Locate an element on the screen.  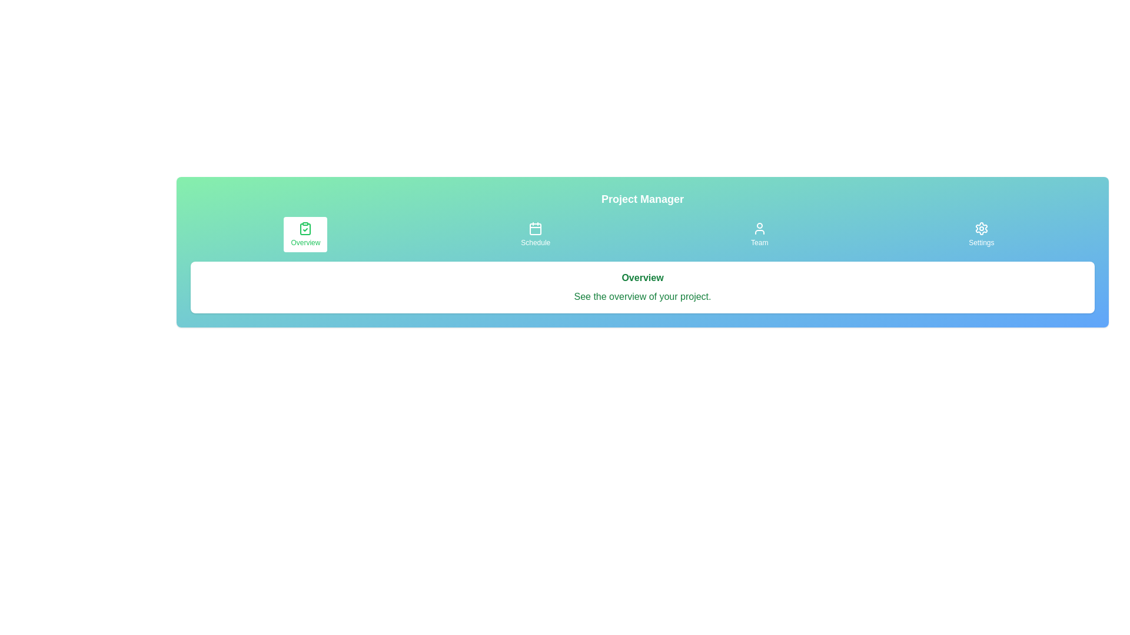
the 'Overview' button is located at coordinates (305, 234).